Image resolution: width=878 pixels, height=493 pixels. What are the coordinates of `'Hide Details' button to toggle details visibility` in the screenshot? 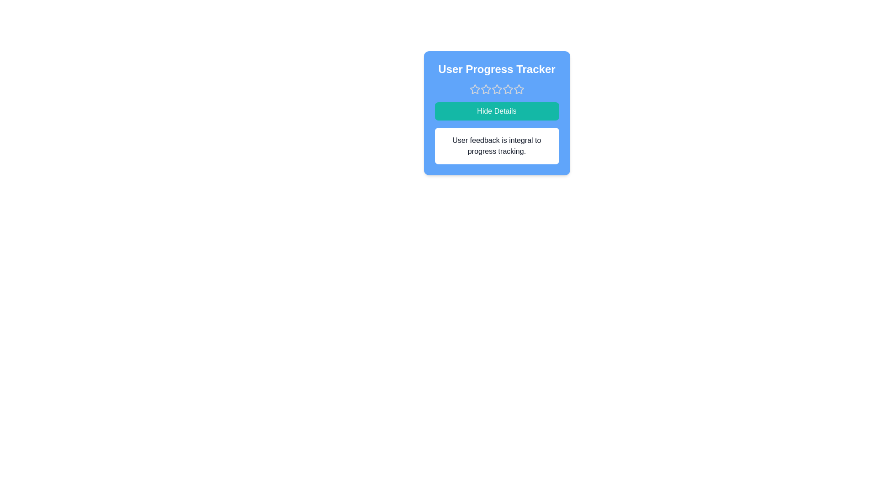 It's located at (496, 110).